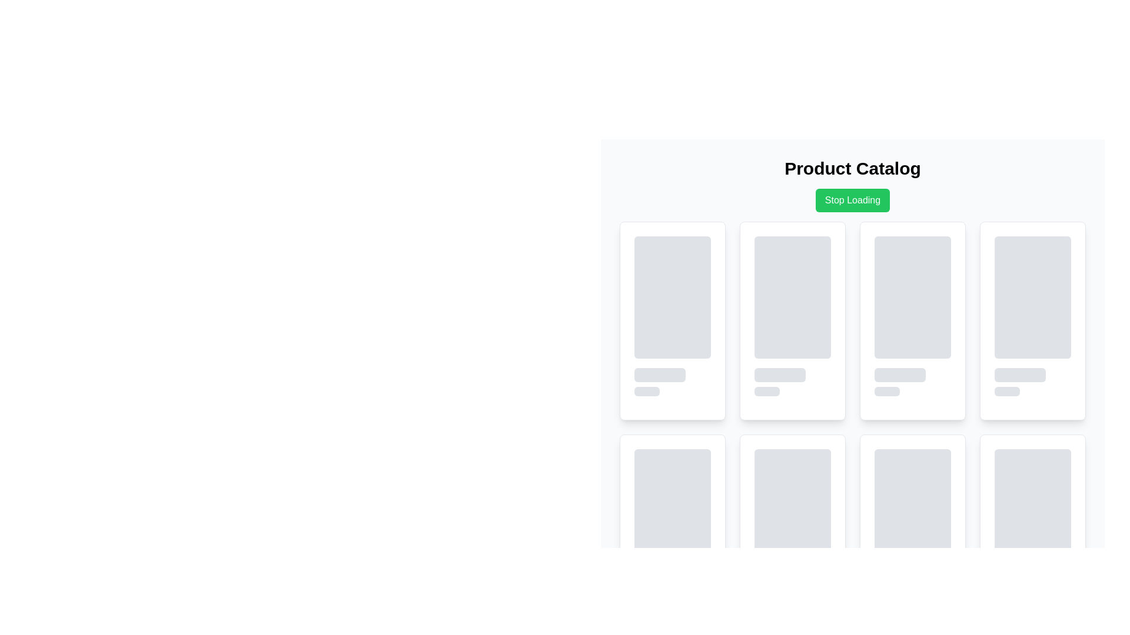  What do you see at coordinates (1032, 315) in the screenshot?
I see `the loading animation placeholder component located in the last card of a horizontally arranged grid, positioned within the fourth card in the first row, right-aligned and occupying the majority of the visual space` at bounding box center [1032, 315].